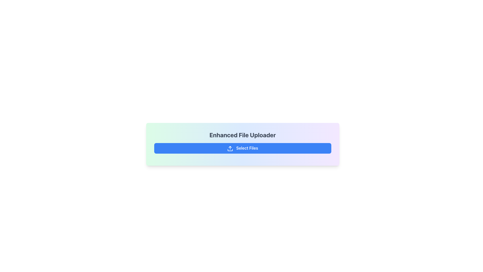 Image resolution: width=483 pixels, height=272 pixels. I want to click on the upload icon located inside the blue button labeled 'Select Files', which features a centered upward-pointing arrow above an open box, so click(230, 148).